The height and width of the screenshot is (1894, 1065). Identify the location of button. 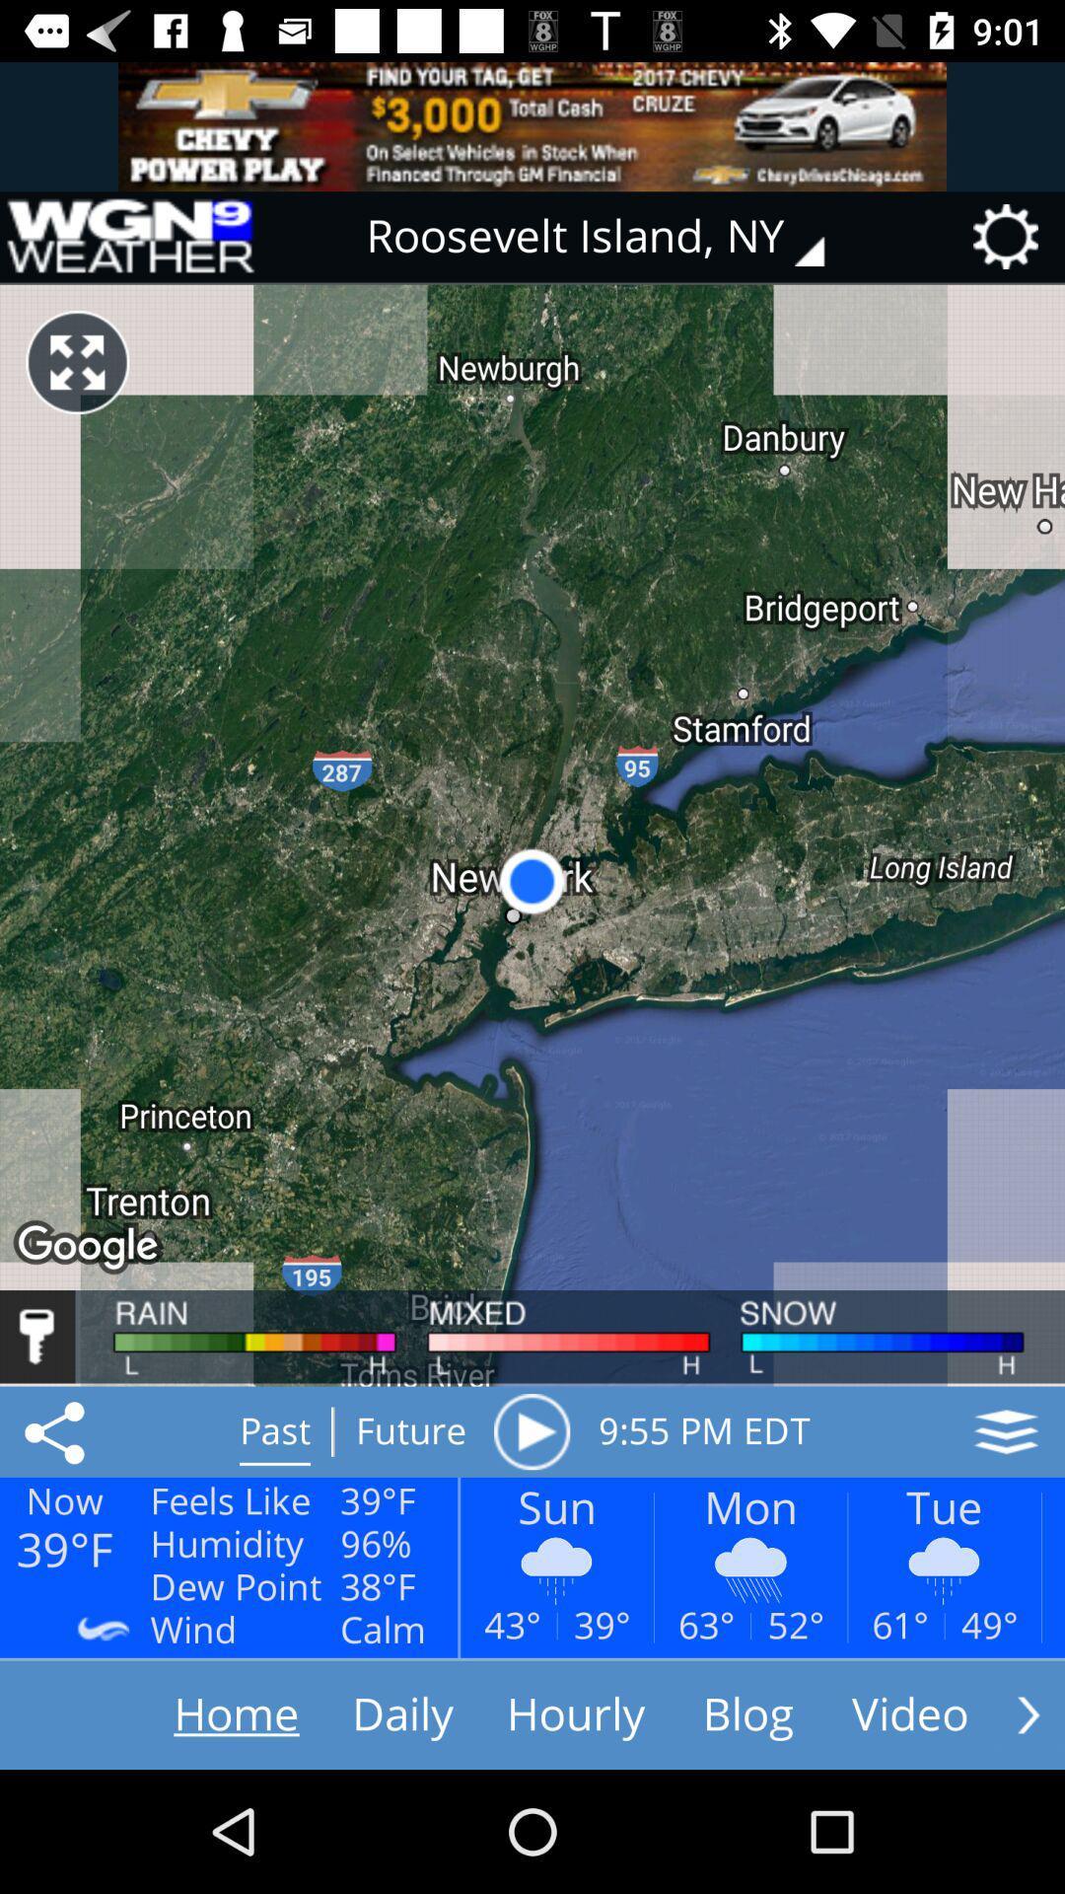
(531, 1431).